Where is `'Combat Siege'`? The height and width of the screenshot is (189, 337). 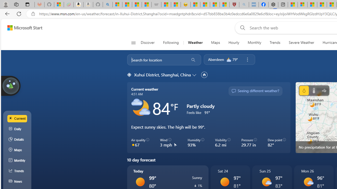
'Combat Siege' is located at coordinates (156, 4).